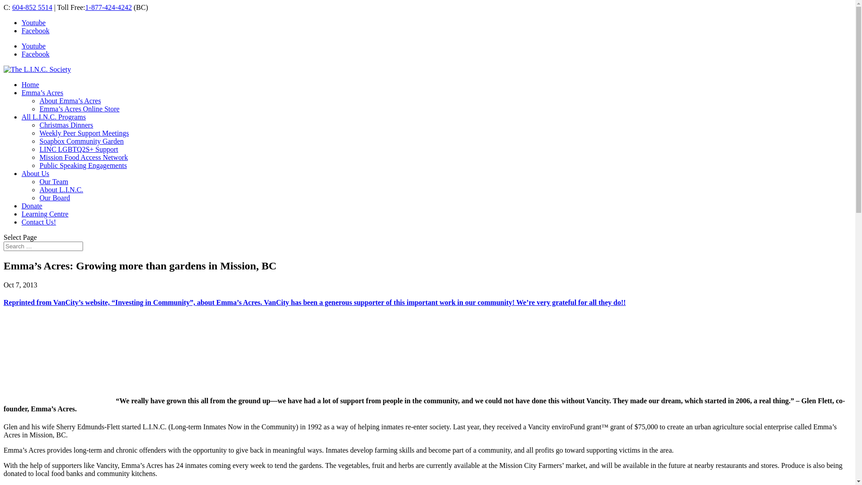 This screenshot has width=862, height=485. I want to click on 'Donate', so click(32, 206).